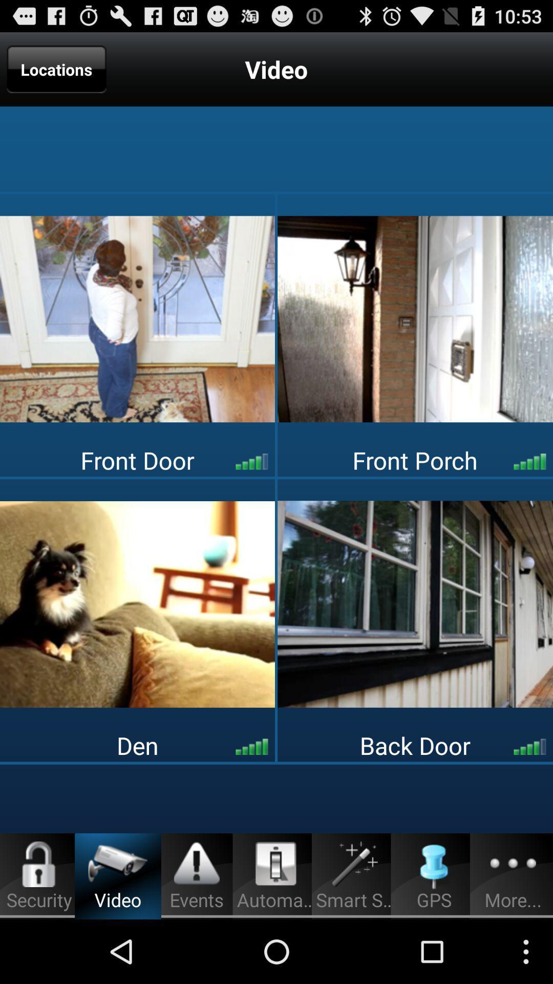  What do you see at coordinates (137, 604) in the screenshot?
I see `the app above the den app` at bounding box center [137, 604].